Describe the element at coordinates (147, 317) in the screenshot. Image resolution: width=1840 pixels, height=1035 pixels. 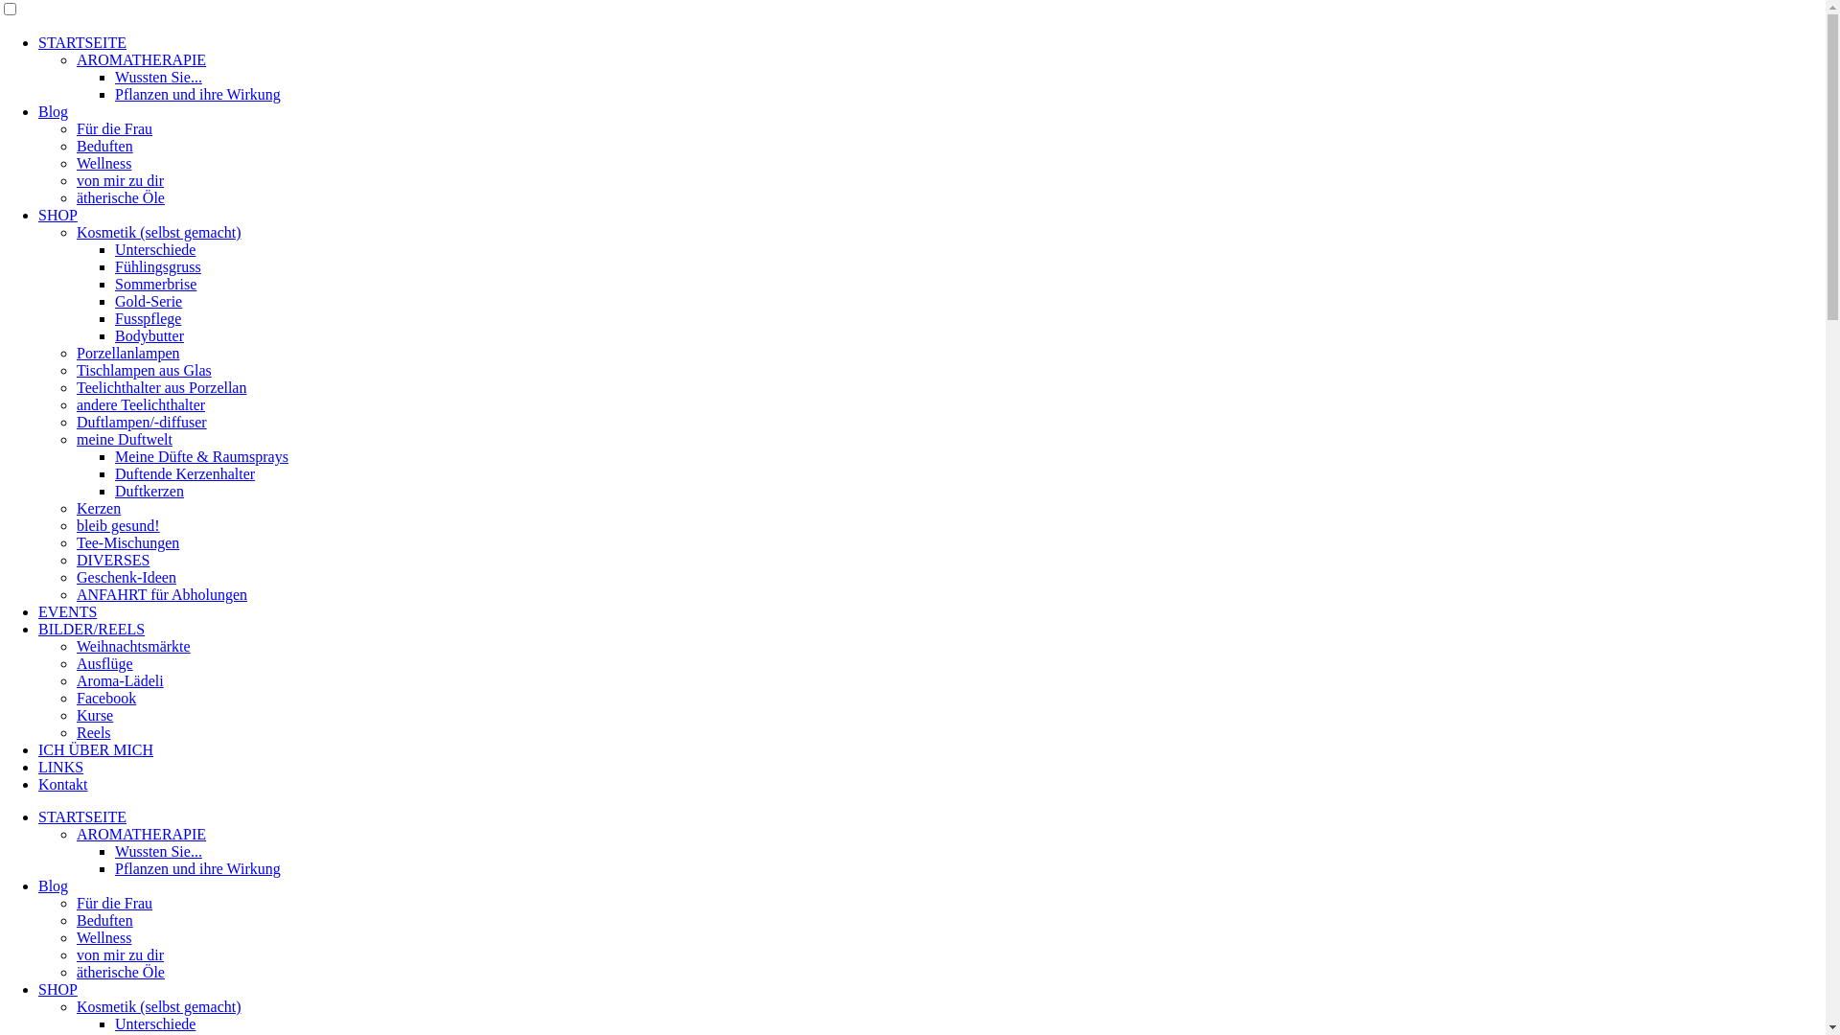
I see `'Fusspflege'` at that location.